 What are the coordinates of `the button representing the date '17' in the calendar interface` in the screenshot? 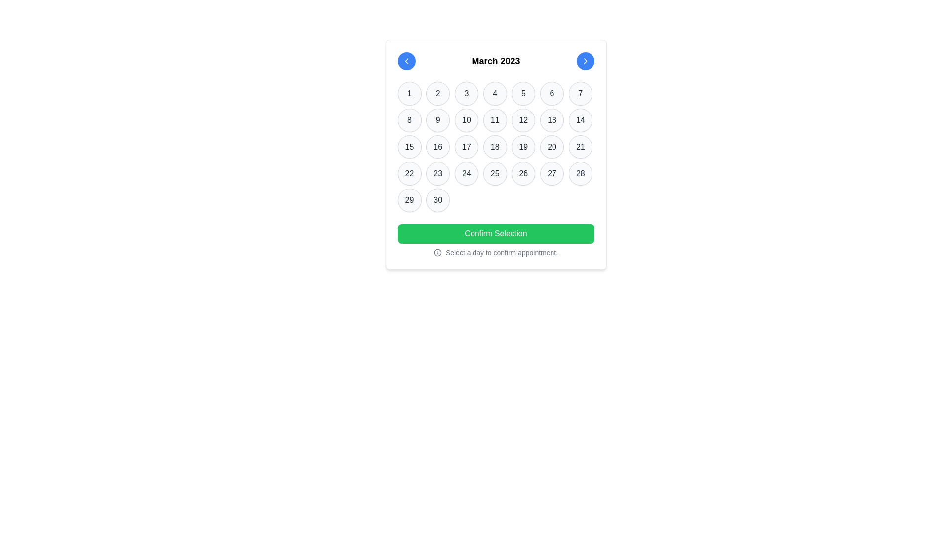 It's located at (466, 147).